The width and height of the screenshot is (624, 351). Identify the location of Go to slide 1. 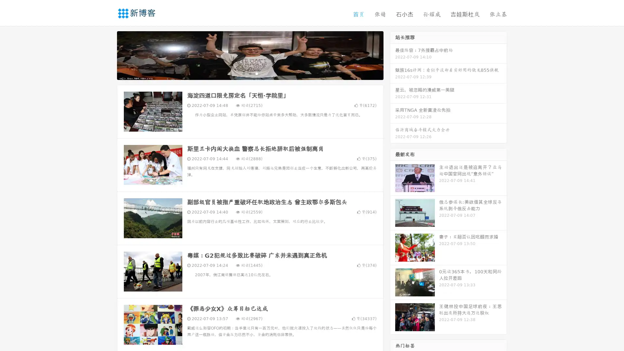
(243, 73).